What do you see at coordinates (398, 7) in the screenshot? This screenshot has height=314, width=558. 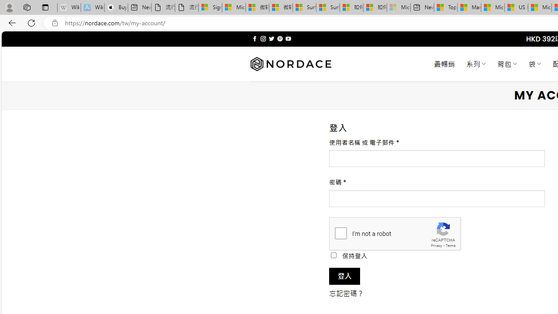 I see `'Microsoft account | Account Checkup - Sleeping'` at bounding box center [398, 7].